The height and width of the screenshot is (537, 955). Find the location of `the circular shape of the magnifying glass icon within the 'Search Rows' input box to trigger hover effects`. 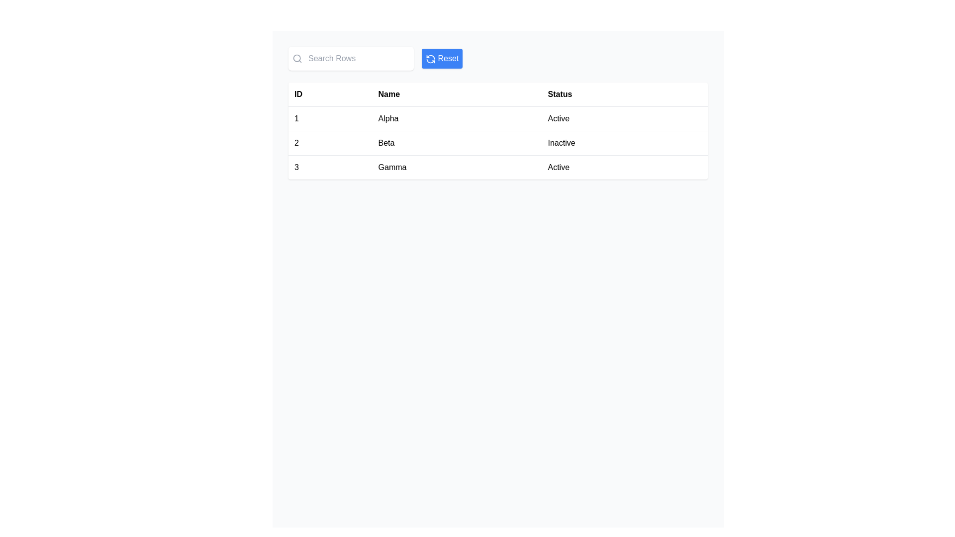

the circular shape of the magnifying glass icon within the 'Search Rows' input box to trigger hover effects is located at coordinates (296, 58).